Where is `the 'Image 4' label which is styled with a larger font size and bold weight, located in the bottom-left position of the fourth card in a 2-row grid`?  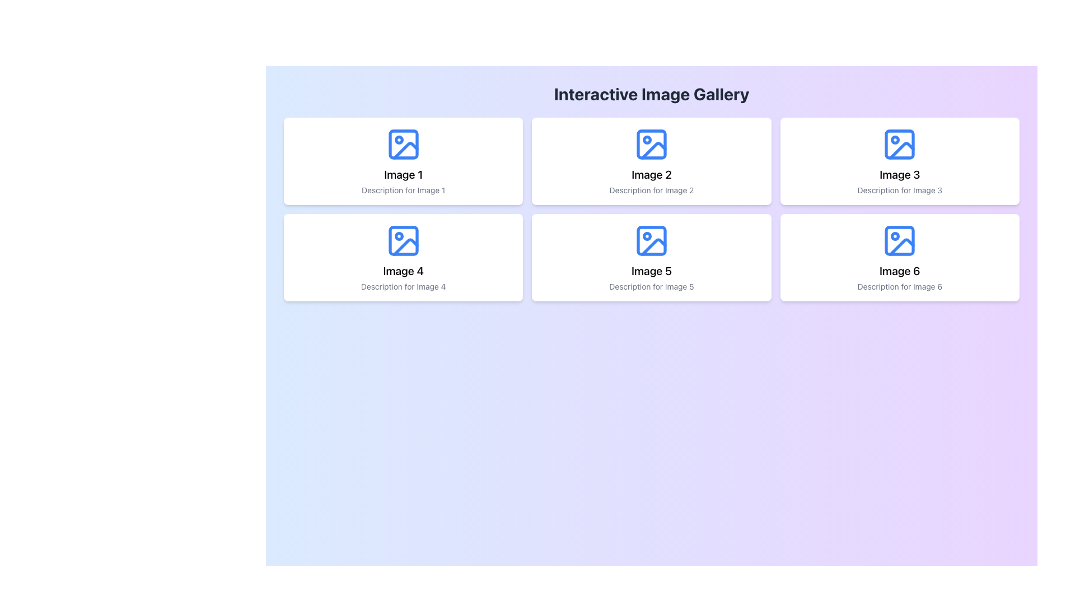 the 'Image 4' label which is styled with a larger font size and bold weight, located in the bottom-left position of the fourth card in a 2-row grid is located at coordinates (403, 271).